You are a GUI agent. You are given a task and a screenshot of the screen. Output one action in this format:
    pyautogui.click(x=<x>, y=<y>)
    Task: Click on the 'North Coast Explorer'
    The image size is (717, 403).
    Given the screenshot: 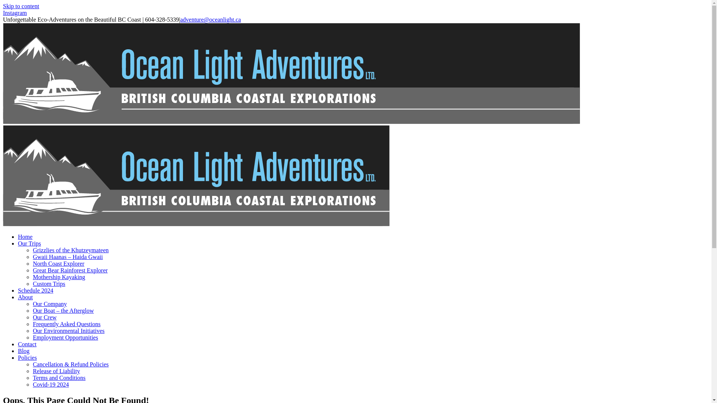 What is the action you would take?
    pyautogui.click(x=58, y=263)
    